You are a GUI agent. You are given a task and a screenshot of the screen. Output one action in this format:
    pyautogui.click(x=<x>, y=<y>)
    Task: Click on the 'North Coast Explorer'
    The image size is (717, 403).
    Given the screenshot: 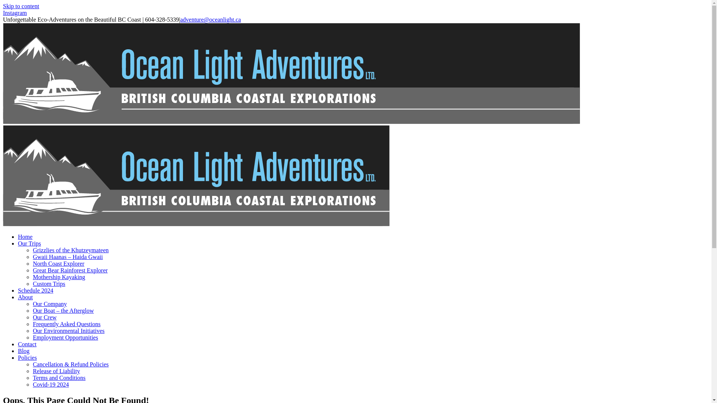 What is the action you would take?
    pyautogui.click(x=58, y=263)
    